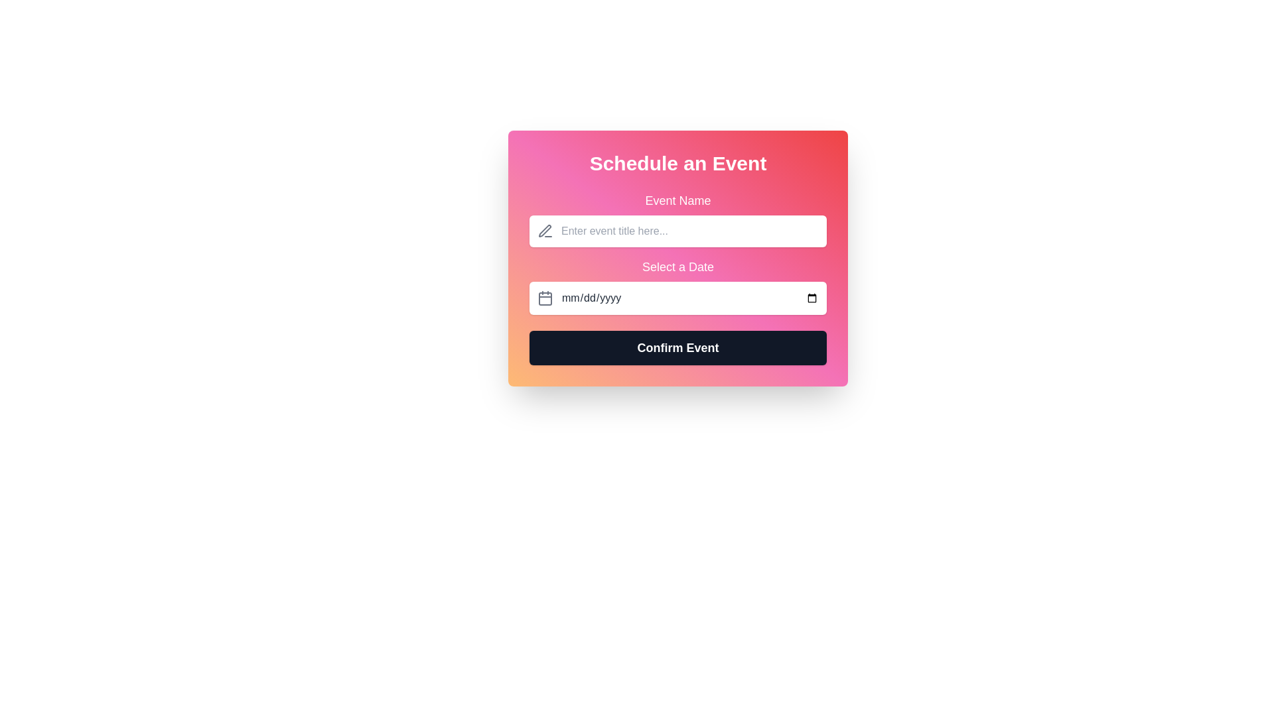 This screenshot has height=716, width=1274. Describe the element at coordinates (545, 298) in the screenshot. I see `the minimalist gray calendar icon located to the left of the date input field with placeholder text 'mm/dd/yyyy' within the colorful gradient card` at that location.